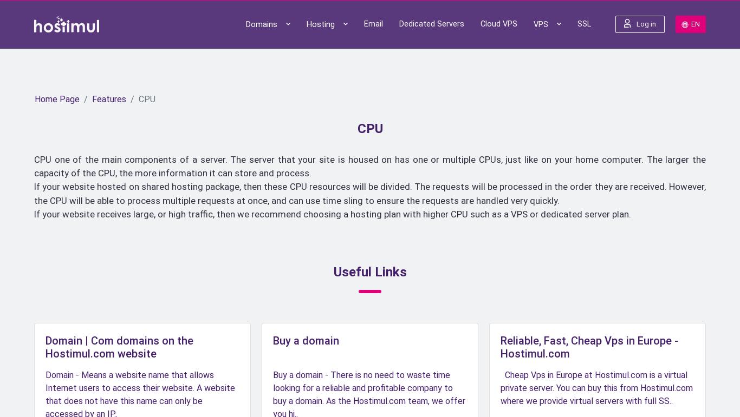 The width and height of the screenshot is (740, 417). Describe the element at coordinates (589, 347) in the screenshot. I see `'Reliable, Fast, Cheap Vps in Europe - Hostimul.com'` at that location.